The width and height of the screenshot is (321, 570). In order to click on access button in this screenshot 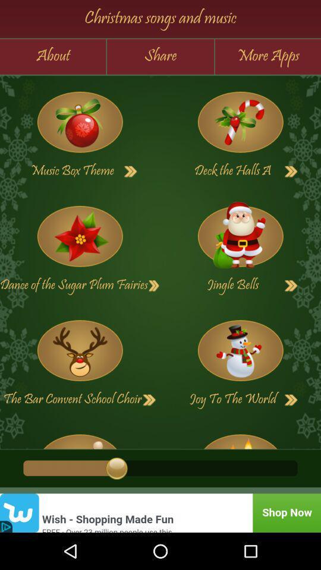, I will do `click(154, 285)`.